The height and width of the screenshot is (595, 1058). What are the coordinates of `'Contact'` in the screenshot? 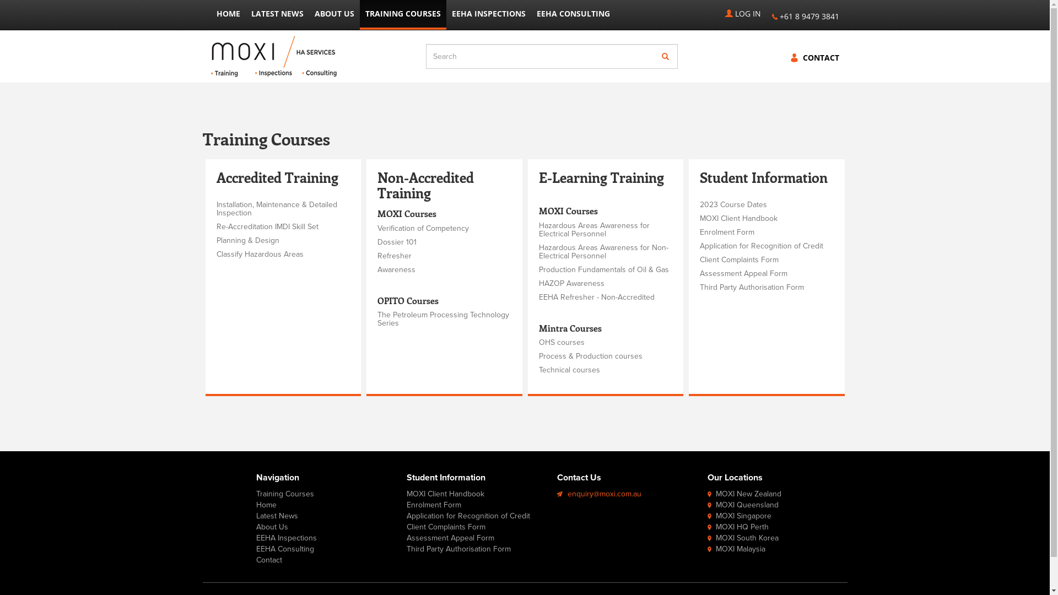 It's located at (269, 560).